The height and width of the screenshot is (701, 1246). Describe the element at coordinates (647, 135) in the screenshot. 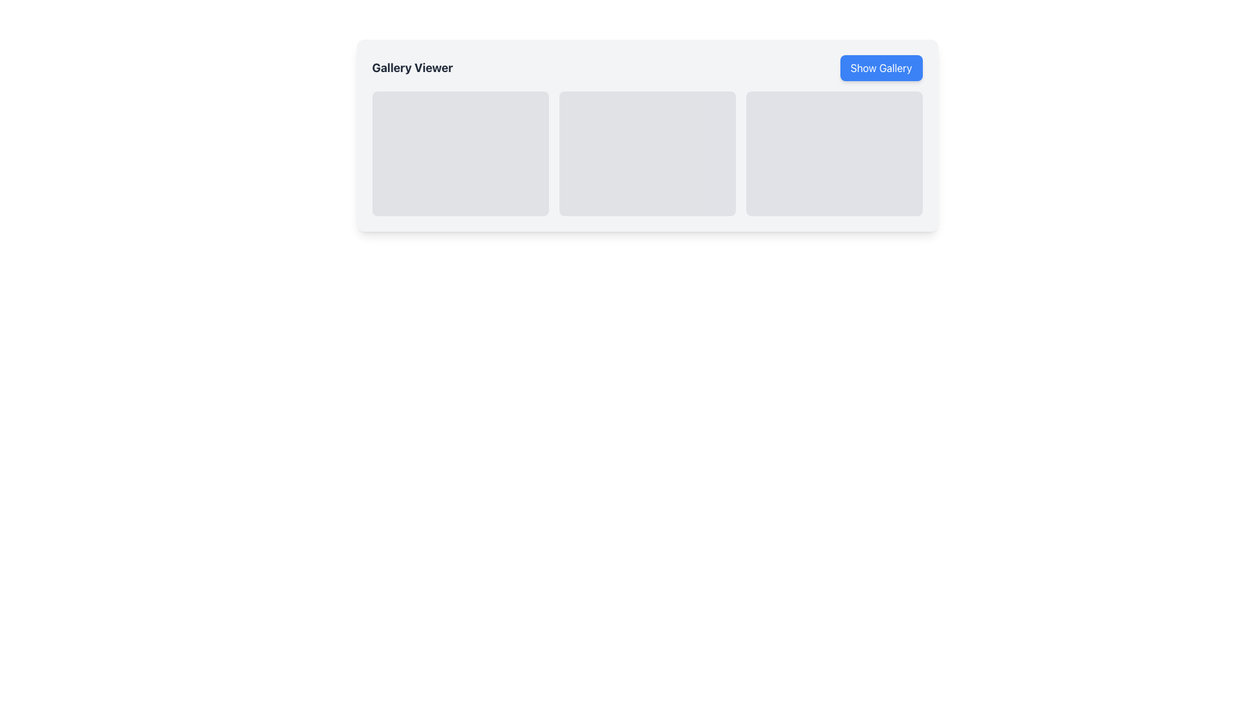

I see `the light gray rounded rectangle card located in the center of the gallery viewer section, which is the middle card of three in a row` at that location.